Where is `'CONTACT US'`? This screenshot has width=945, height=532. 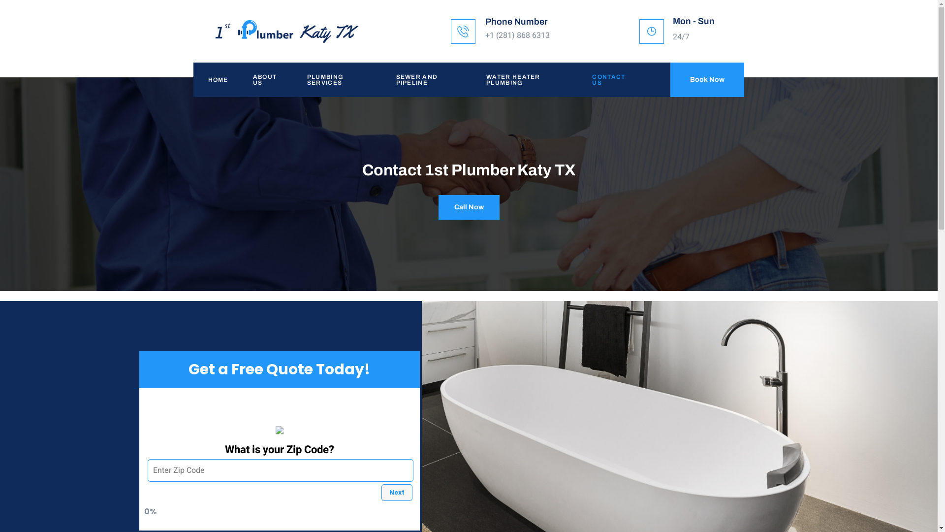
'CONTACT US' is located at coordinates (608, 79).